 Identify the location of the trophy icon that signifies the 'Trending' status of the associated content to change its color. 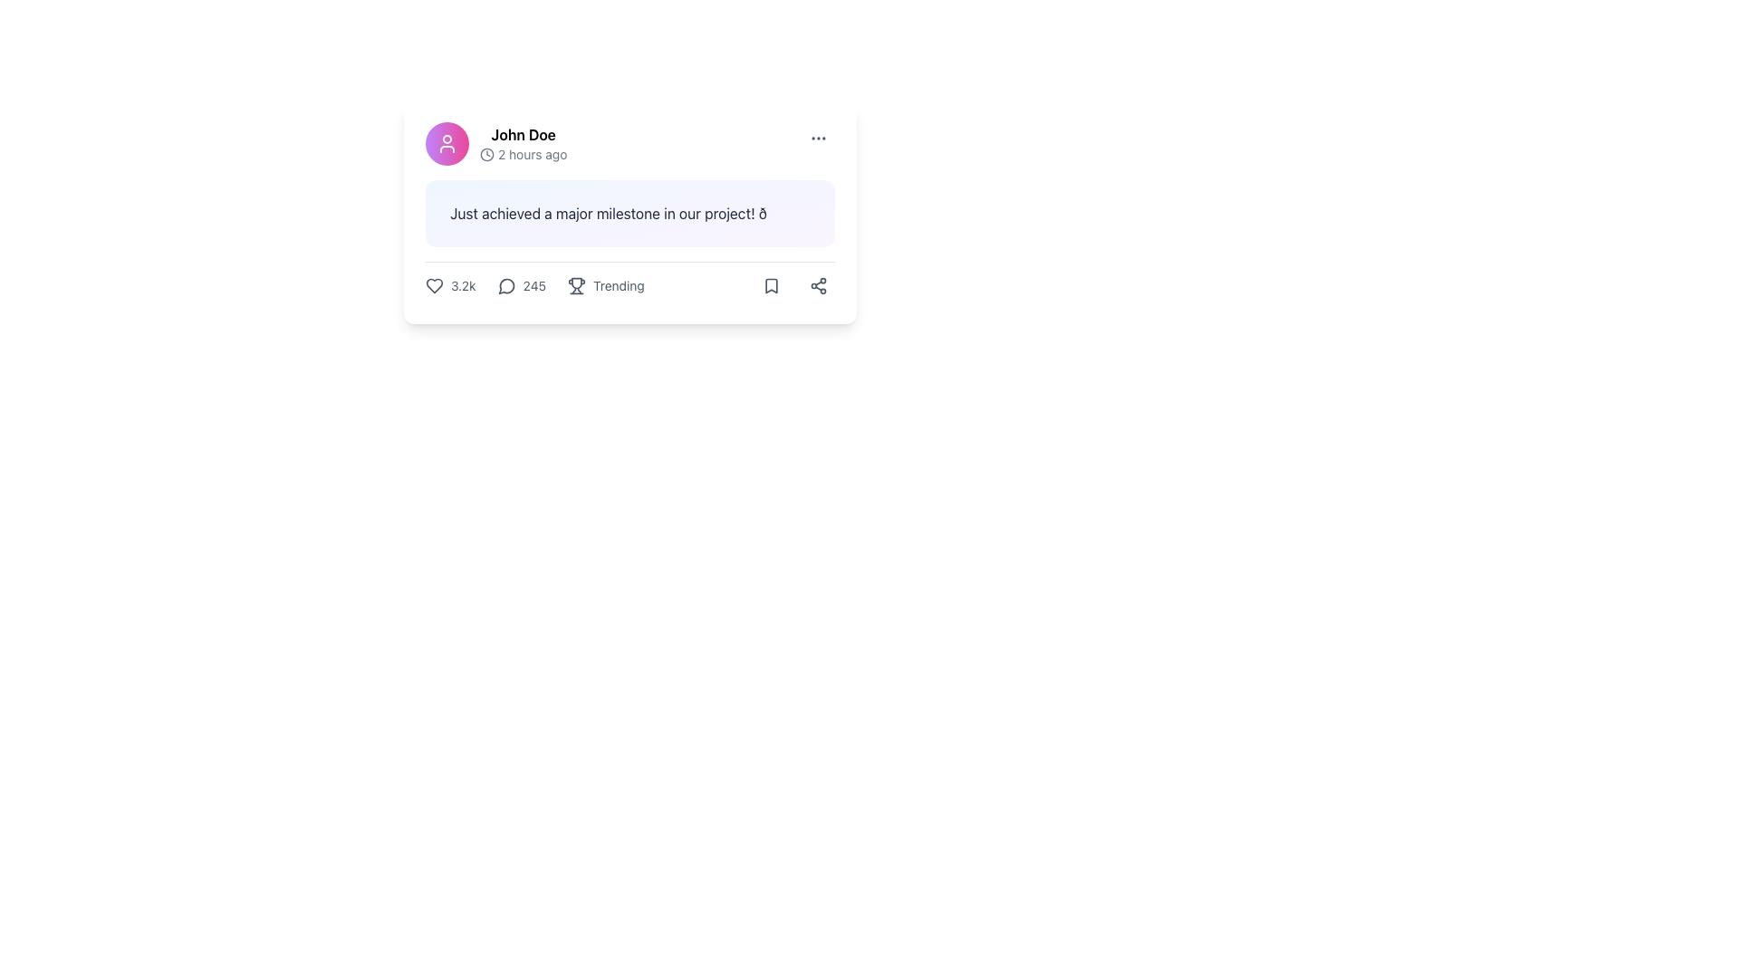
(576, 285).